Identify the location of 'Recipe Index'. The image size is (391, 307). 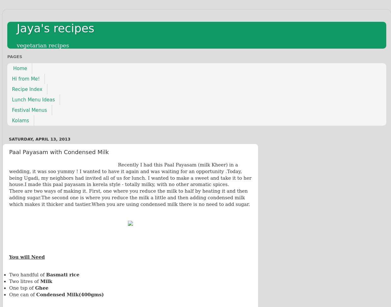
(27, 89).